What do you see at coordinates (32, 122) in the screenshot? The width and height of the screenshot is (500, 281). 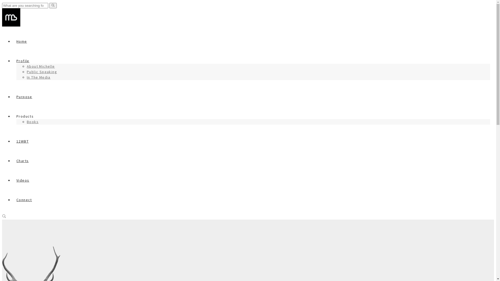 I see `'Books'` at bounding box center [32, 122].